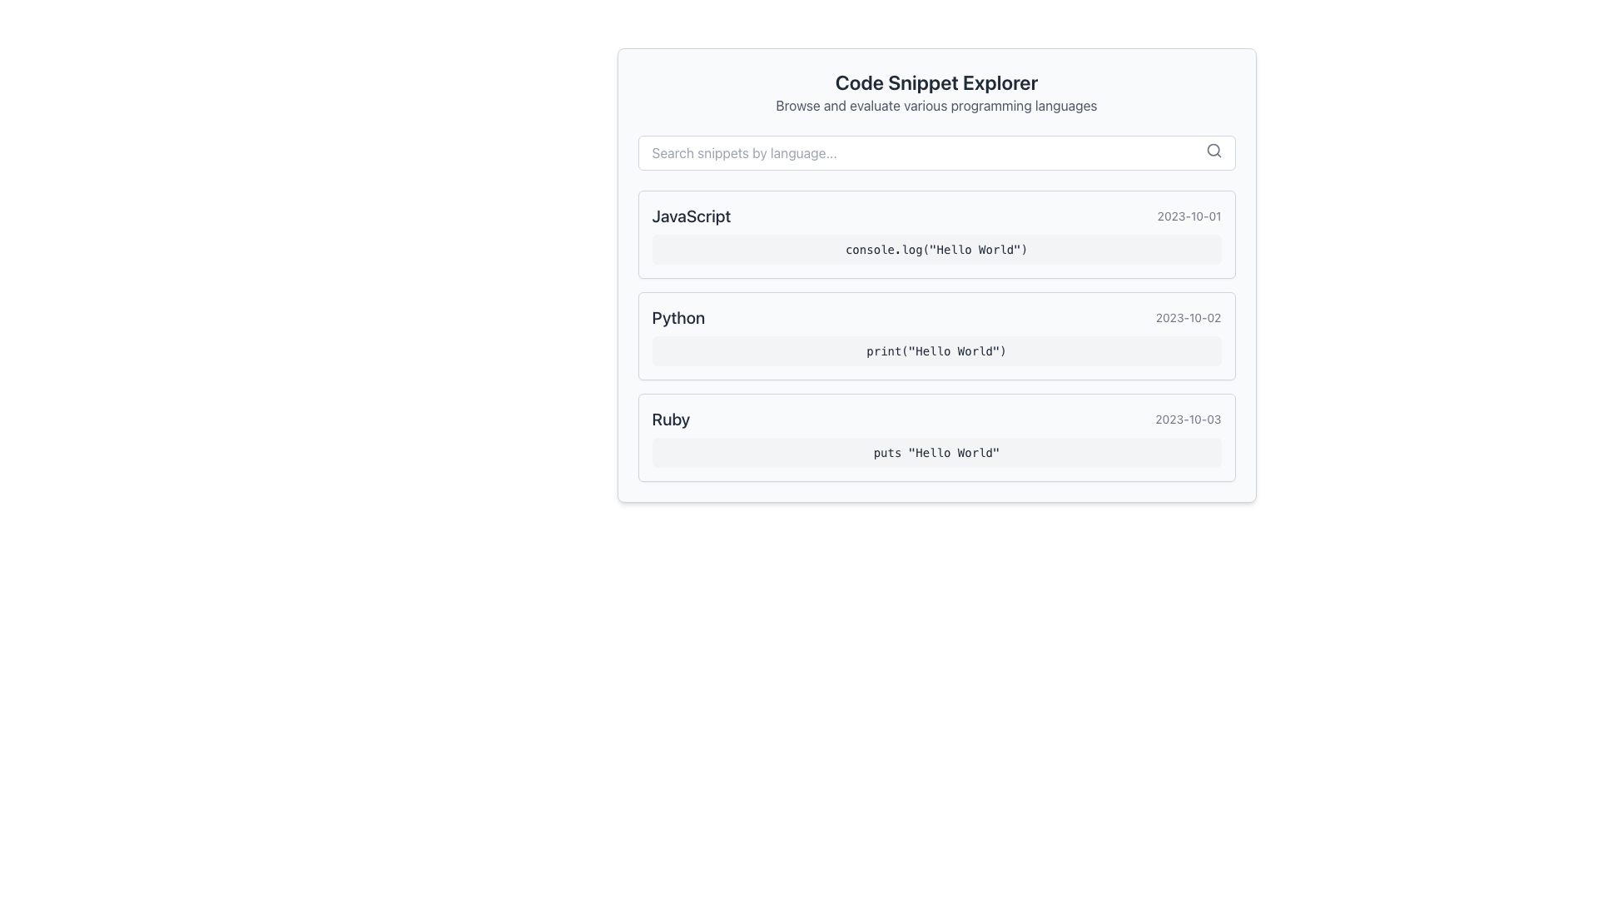  I want to click on the text element that reads 'Browse and evaluate various programming languages', which is styled in a subtle gray color and positioned beneath the title 'Code Snippet Explorer', so click(936, 106).